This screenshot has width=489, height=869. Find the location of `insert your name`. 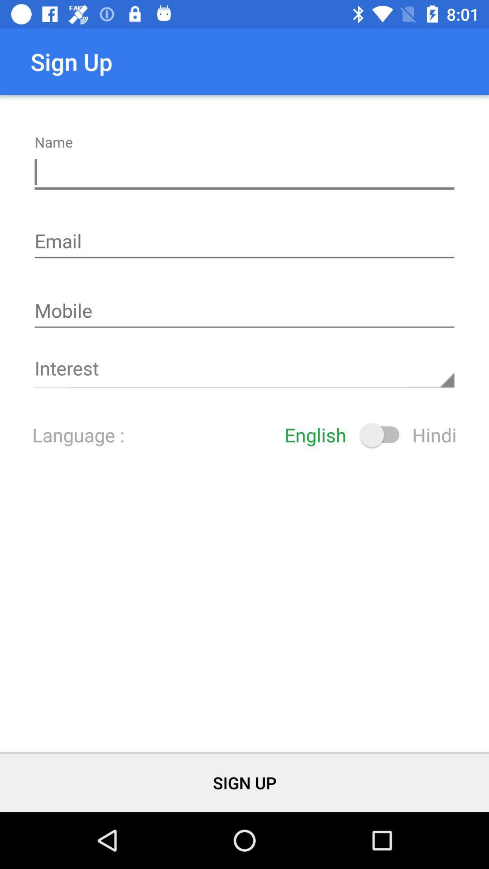

insert your name is located at coordinates (244, 172).